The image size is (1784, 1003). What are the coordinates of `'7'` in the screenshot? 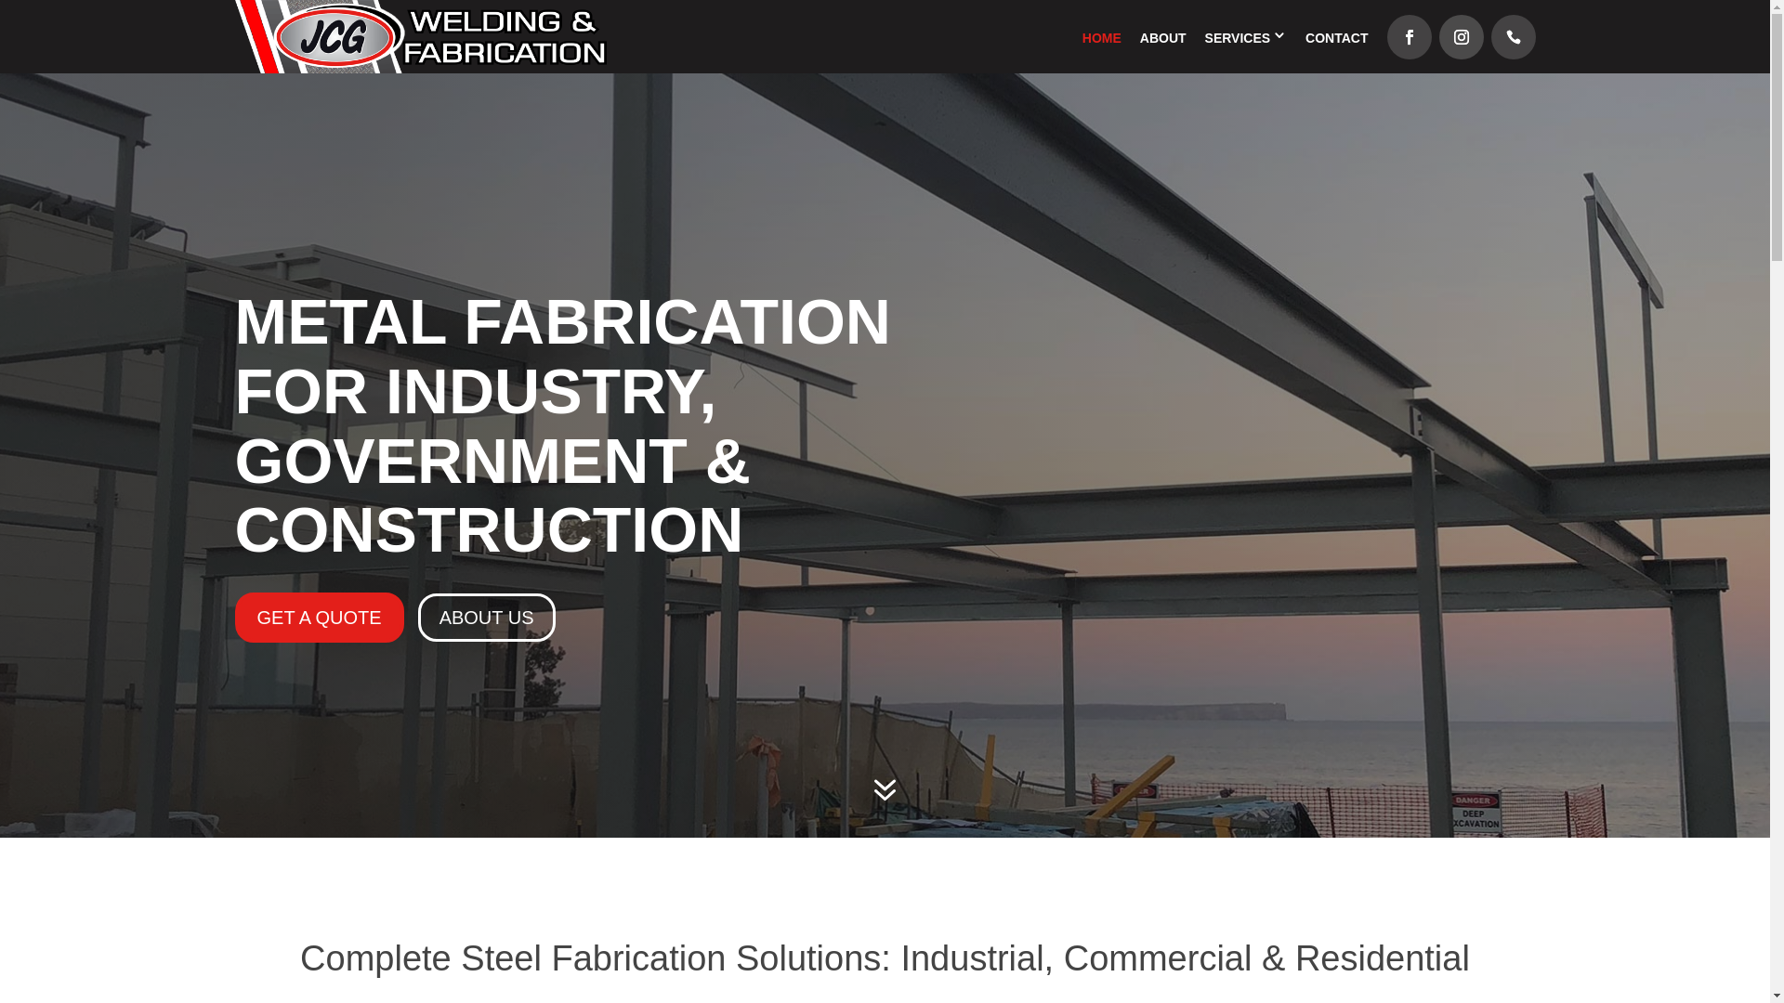 It's located at (883, 792).